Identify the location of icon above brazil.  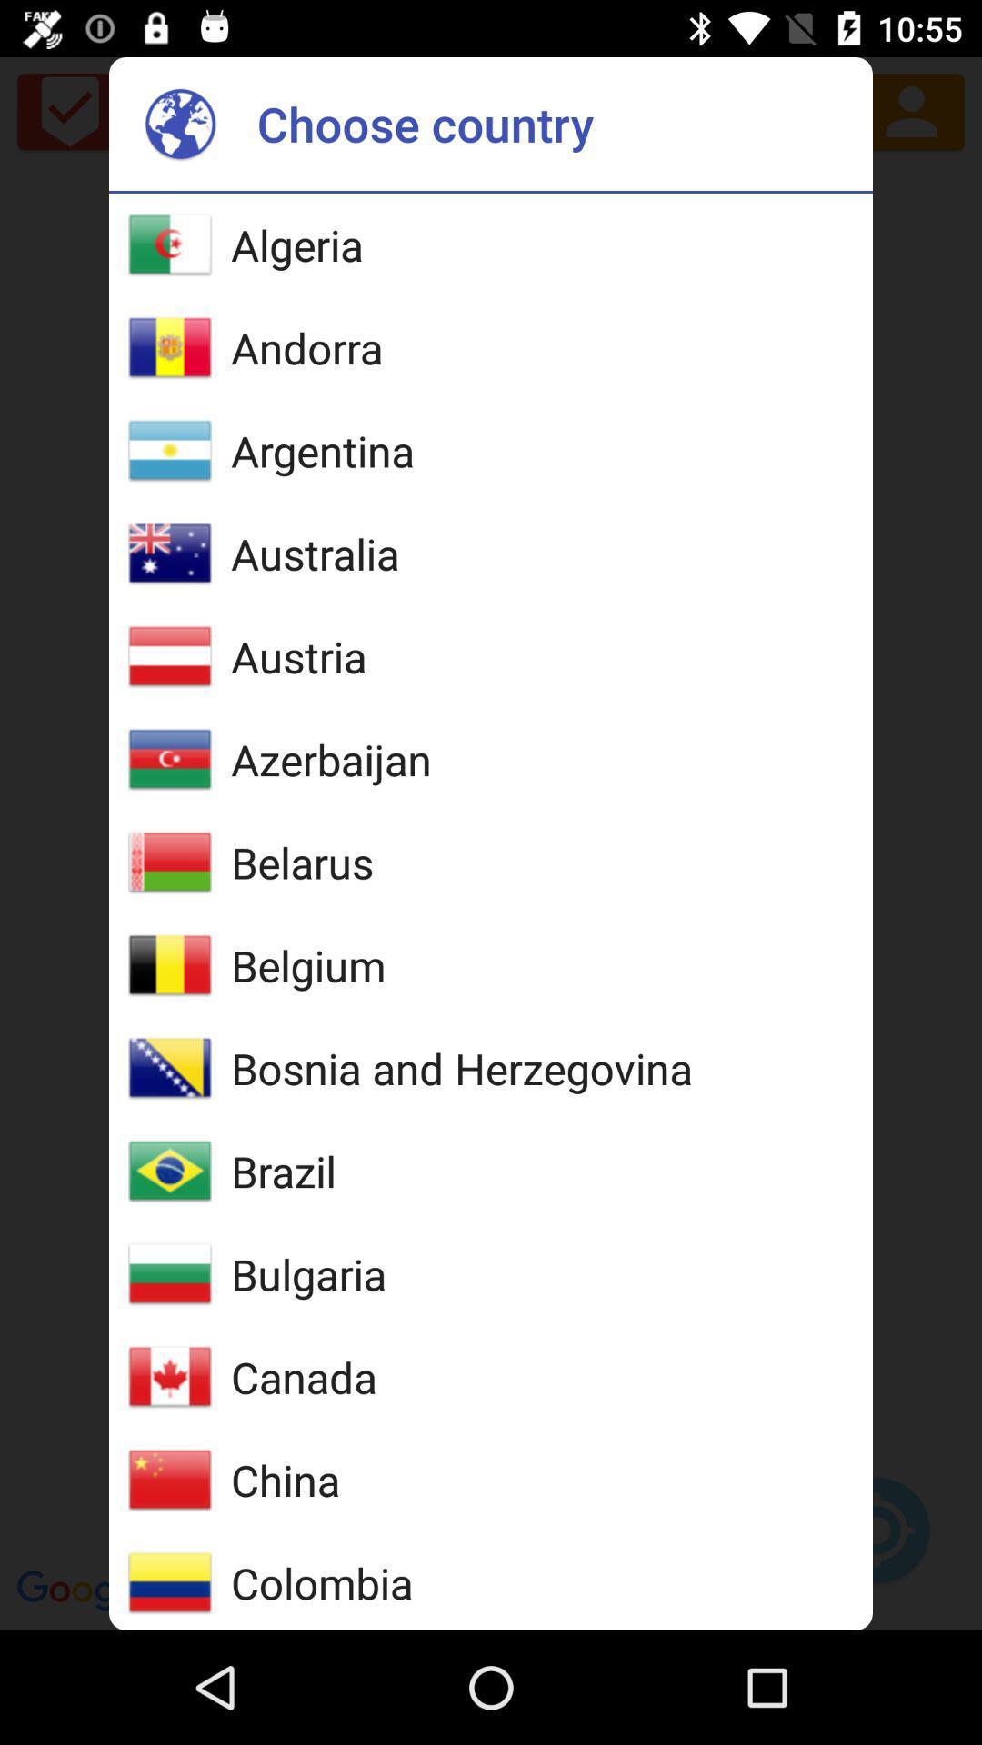
(461, 1068).